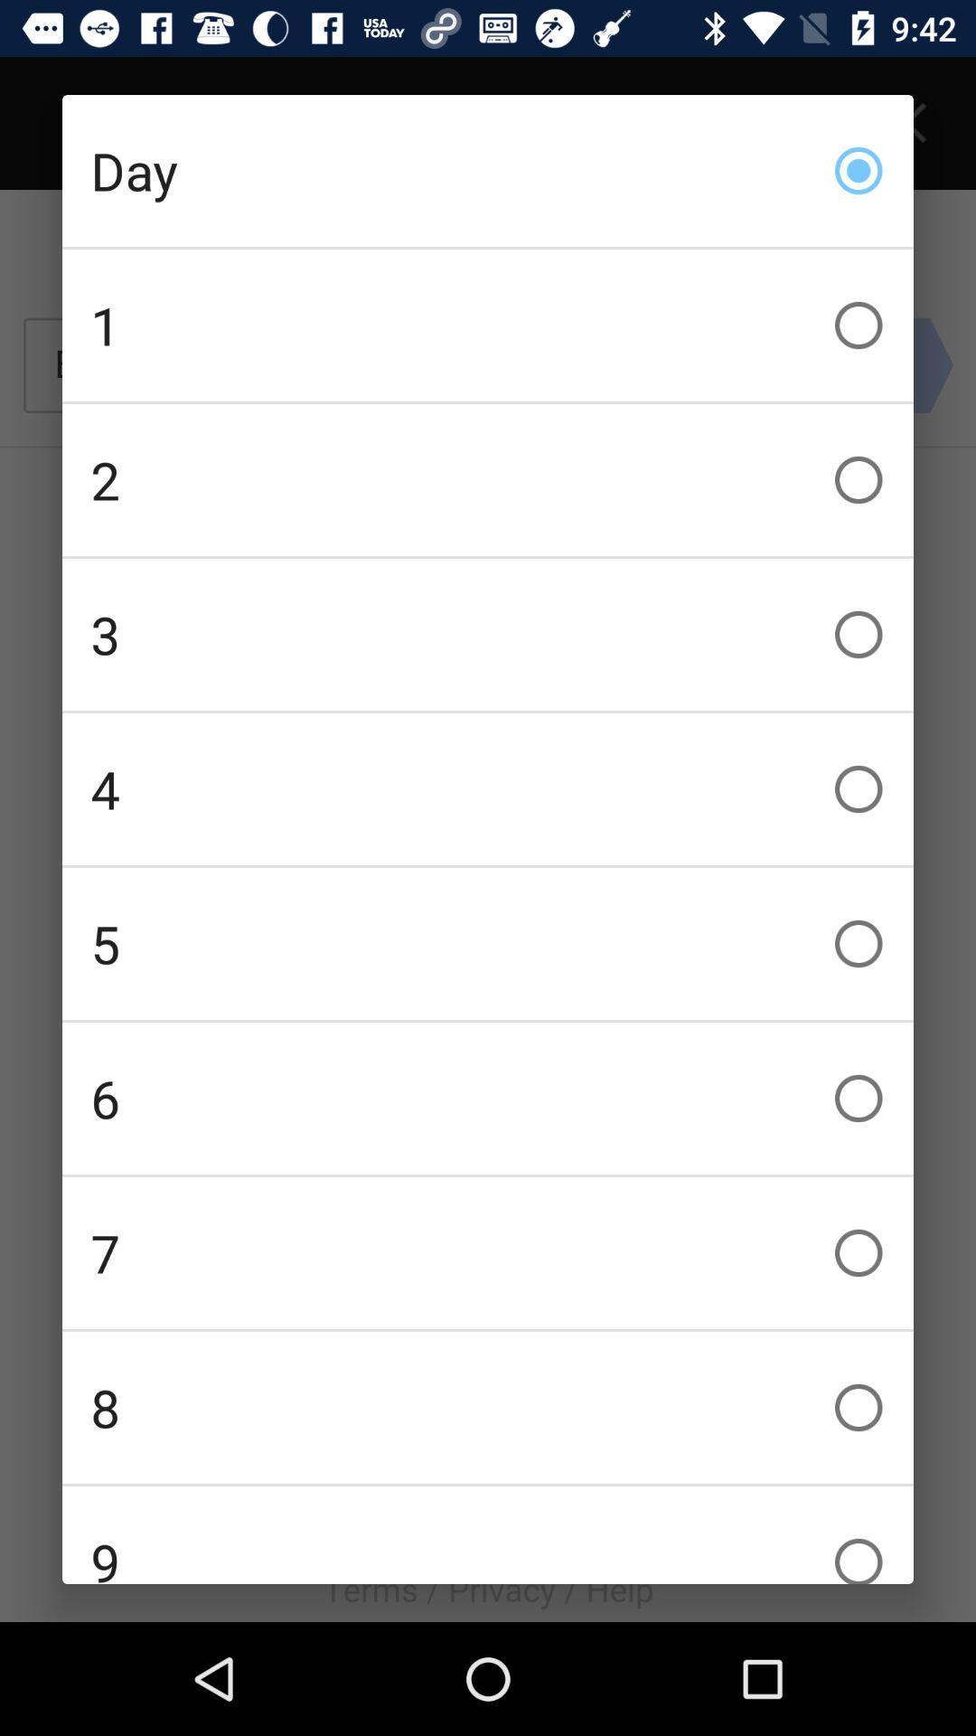 The width and height of the screenshot is (976, 1736). Describe the element at coordinates (488, 325) in the screenshot. I see `1 checkbox` at that location.